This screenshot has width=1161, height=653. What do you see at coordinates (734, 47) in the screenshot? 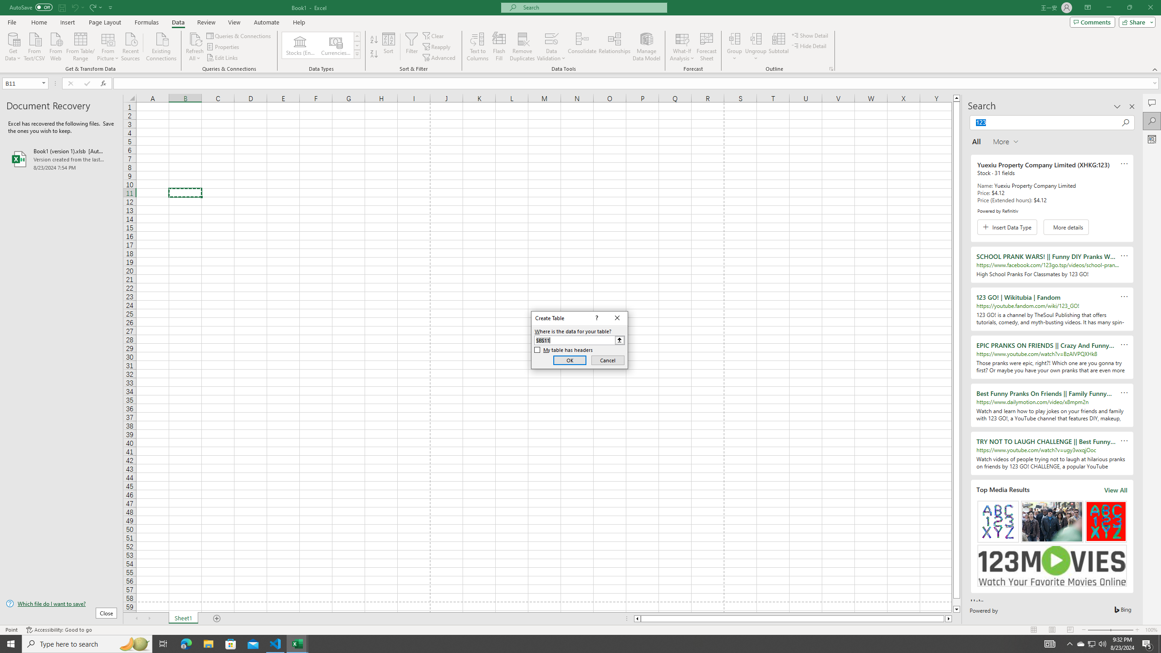
I see `'Group...'` at bounding box center [734, 47].